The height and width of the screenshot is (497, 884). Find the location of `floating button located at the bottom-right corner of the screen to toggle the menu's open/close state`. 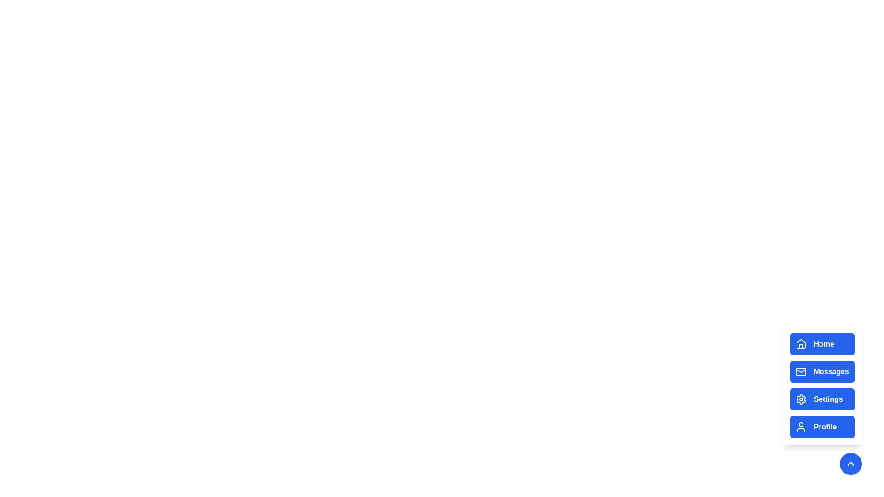

floating button located at the bottom-right corner of the screen to toggle the menu's open/close state is located at coordinates (850, 463).